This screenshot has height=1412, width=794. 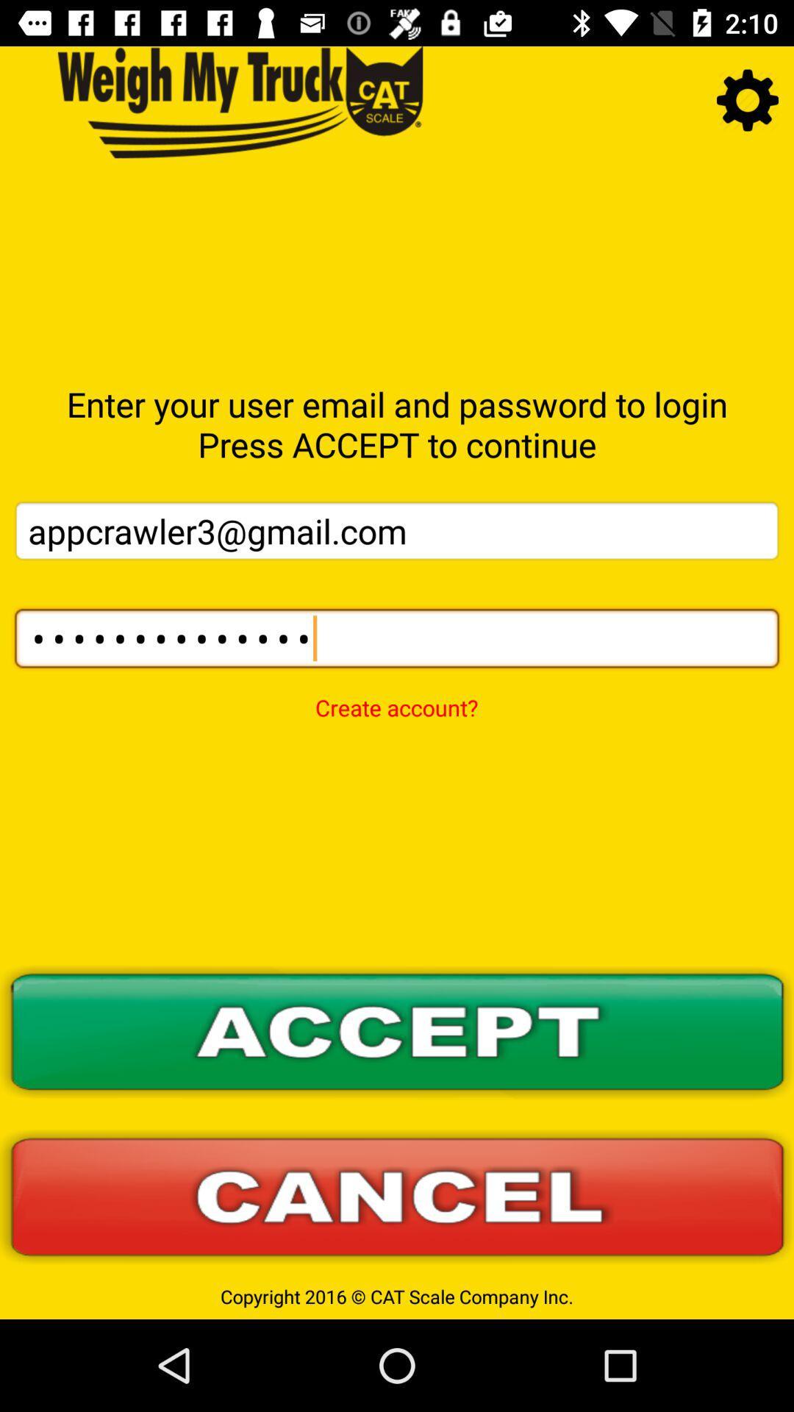 I want to click on the icon below the create account? icon, so click(x=397, y=1032).